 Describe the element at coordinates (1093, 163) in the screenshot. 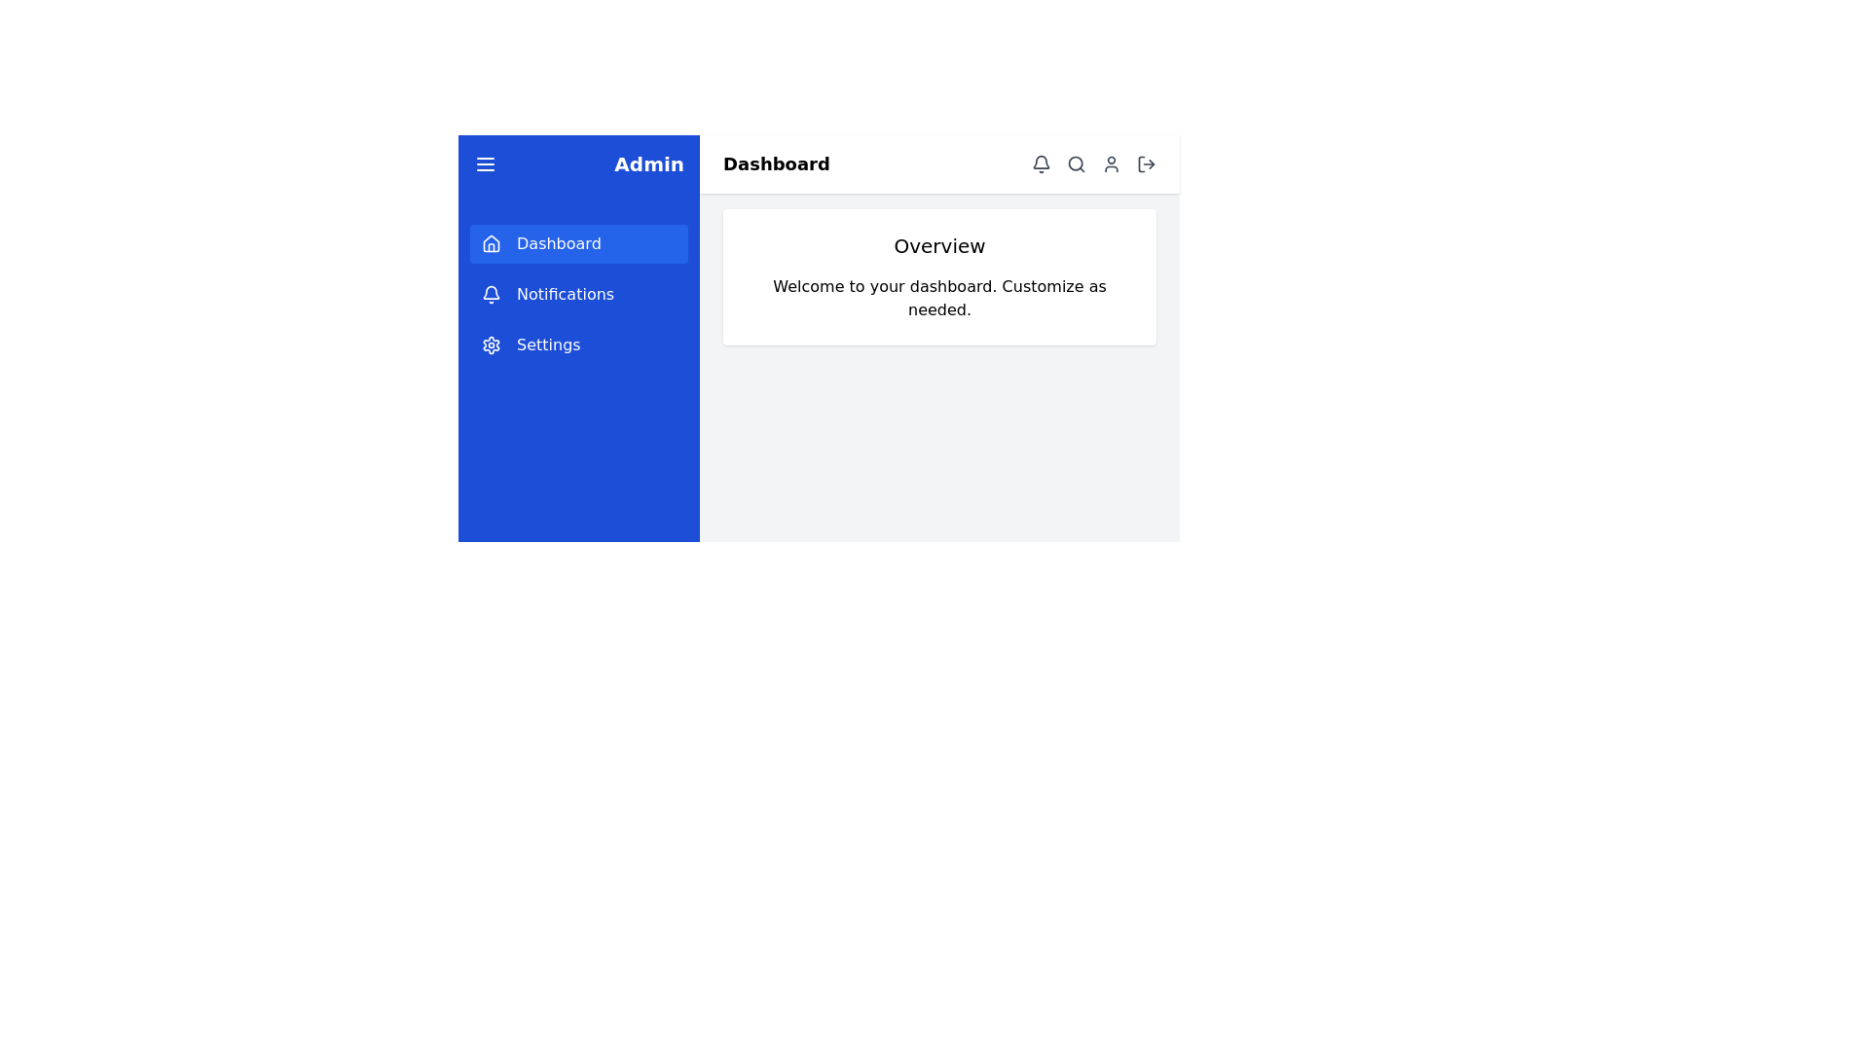

I see `the icon in the navigation and utility toolbar located at the header section, aligned to the right` at that location.